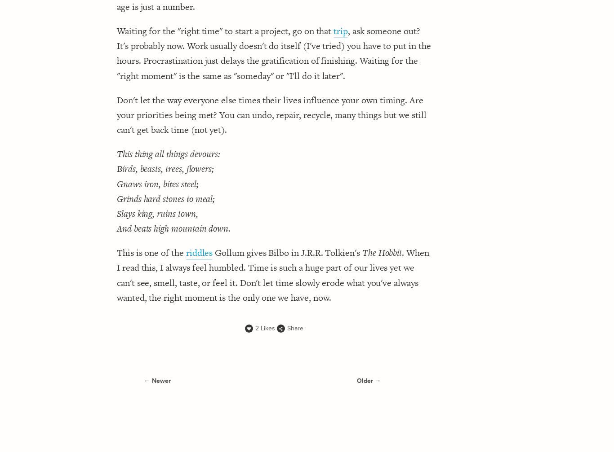  I want to click on '. When I read this, I always feel humbled. Time is such a huge part of our lives yet we can't see, smell, taste, or feel it. Don't let time slowly erode what you've always wanted, the right moment is the only one we have, now.', so click(272, 274).